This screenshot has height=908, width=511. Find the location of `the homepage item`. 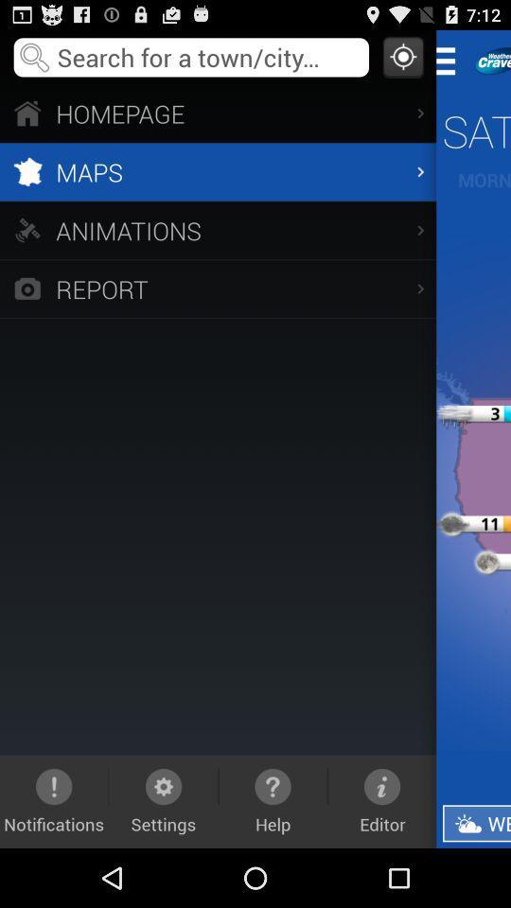

the homepage item is located at coordinates (217, 113).